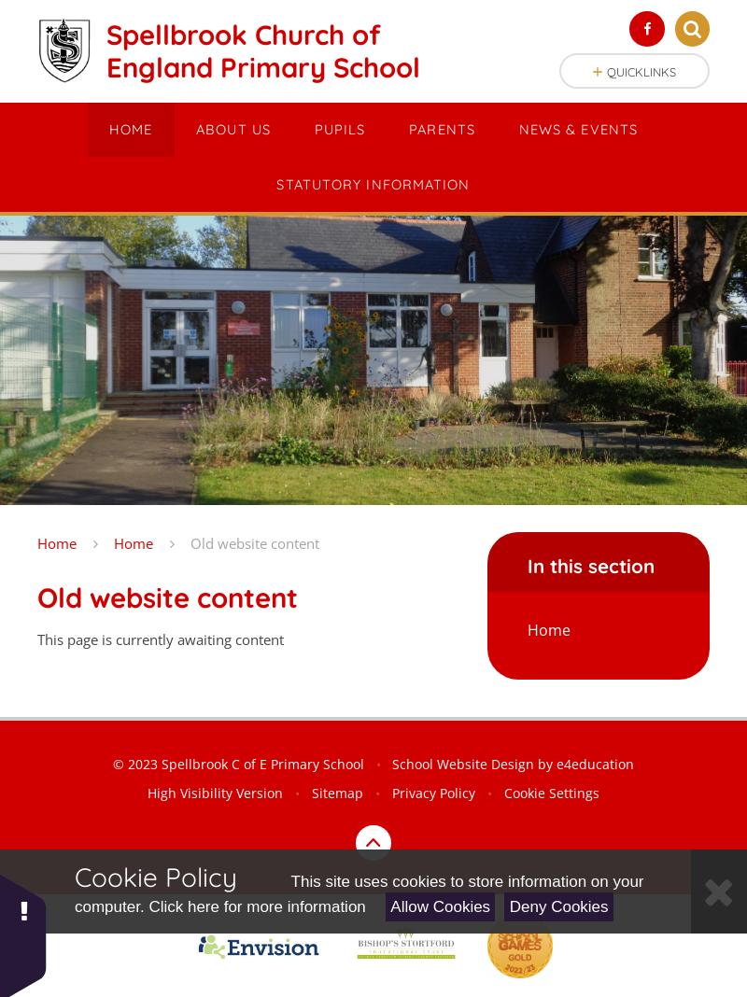 Image resolution: width=747 pixels, height=997 pixels. I want to click on 'Great St Mary's Church, Sawbridgeworth', so click(278, 368).